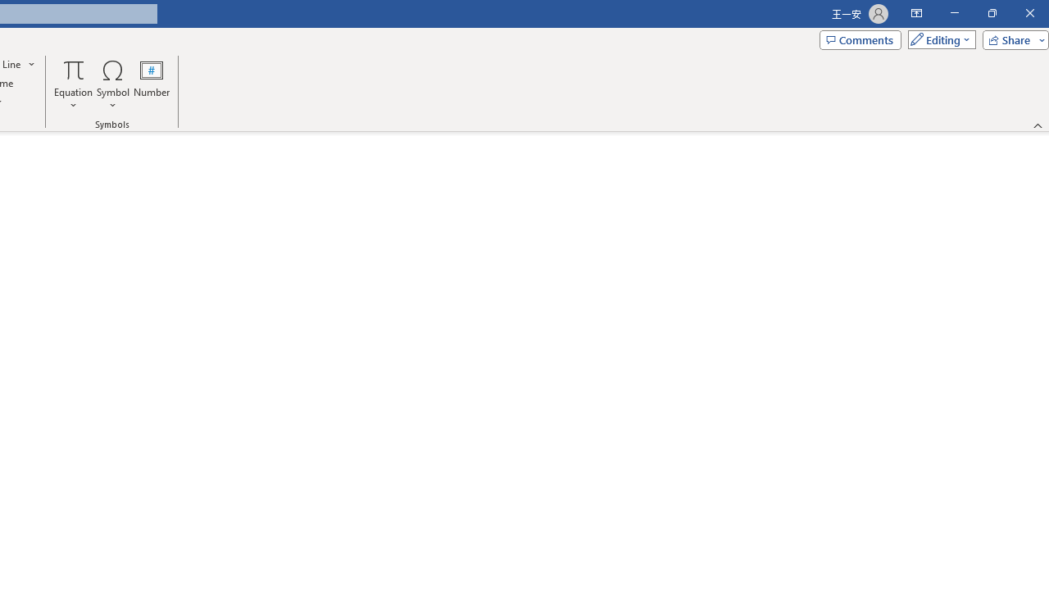 Image resolution: width=1049 pixels, height=590 pixels. I want to click on 'Equation', so click(73, 69).